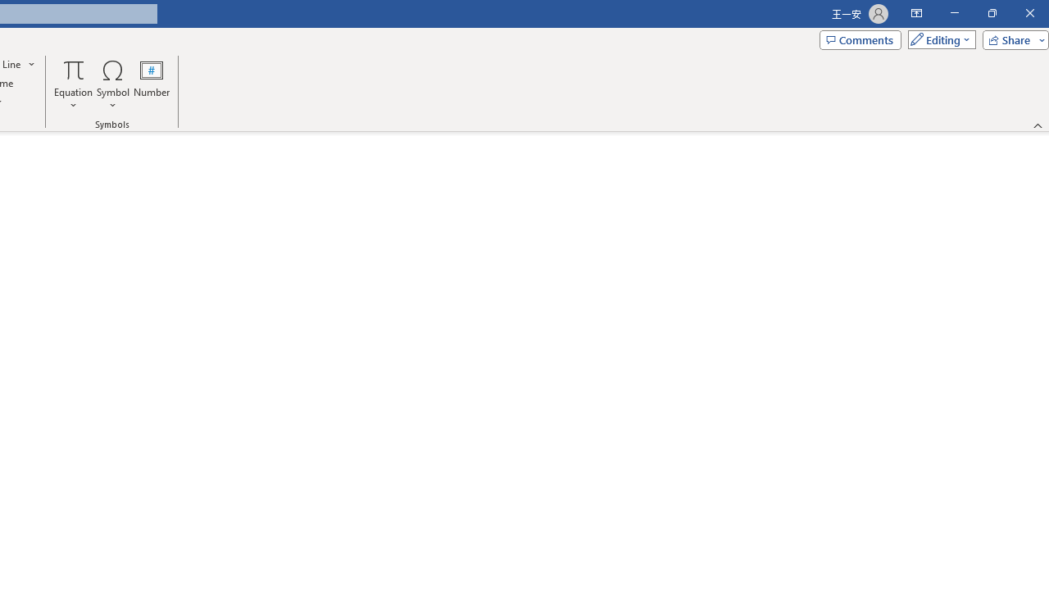 Image resolution: width=1049 pixels, height=590 pixels. I want to click on 'Equation', so click(73, 69).